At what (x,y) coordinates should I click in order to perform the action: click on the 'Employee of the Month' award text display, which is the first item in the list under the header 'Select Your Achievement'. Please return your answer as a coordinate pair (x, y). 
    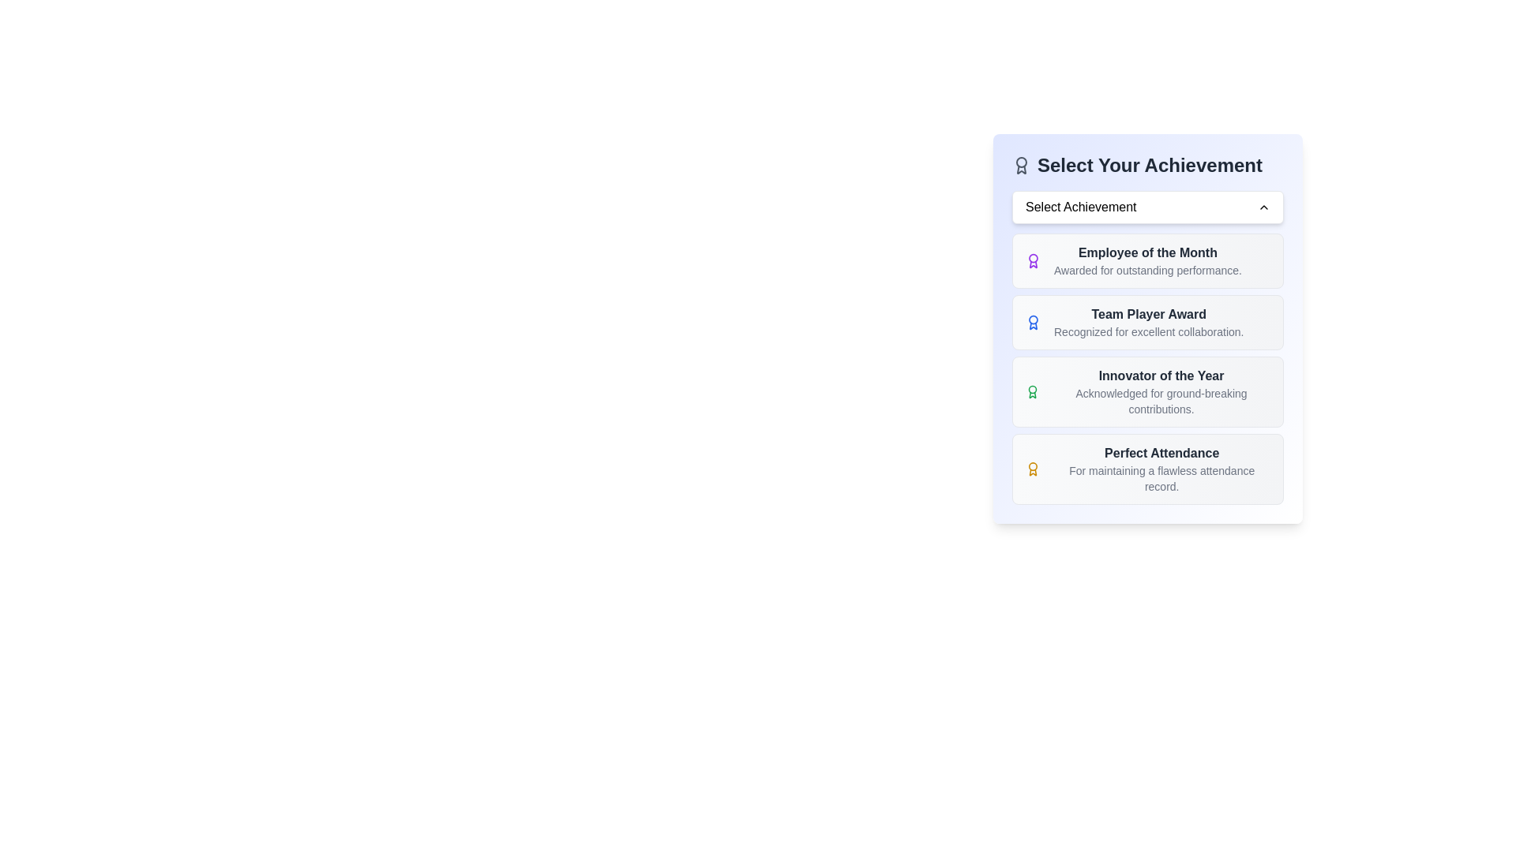
    Looking at the image, I should click on (1148, 260).